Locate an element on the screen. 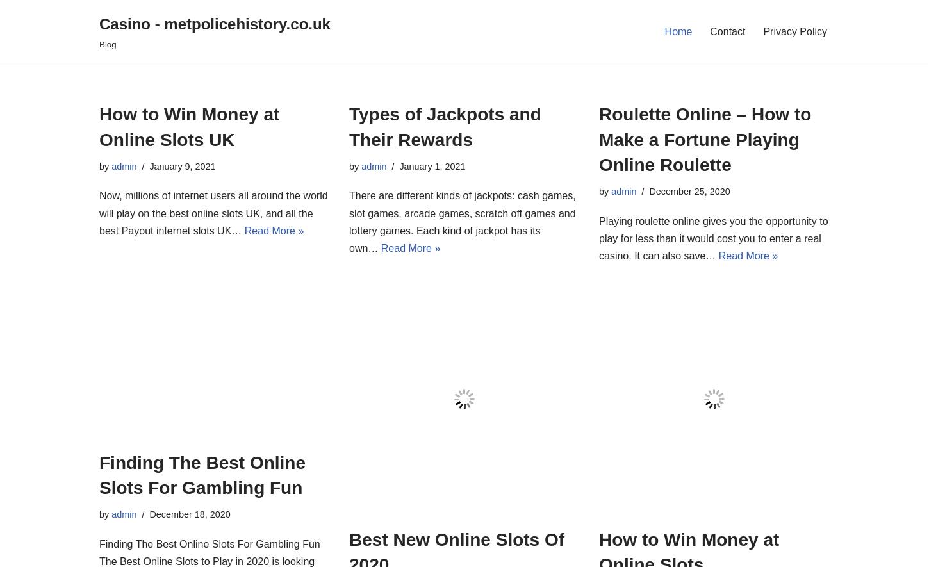 This screenshot has width=929, height=567. 'January 9, 2021' is located at coordinates (182, 166).